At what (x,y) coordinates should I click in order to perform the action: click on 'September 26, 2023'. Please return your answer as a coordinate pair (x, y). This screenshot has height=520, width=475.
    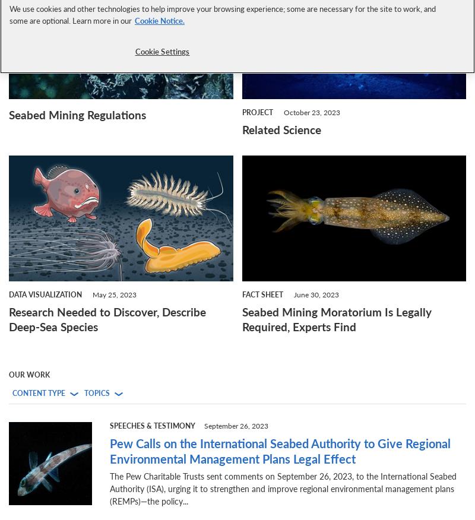
    Looking at the image, I should click on (236, 425).